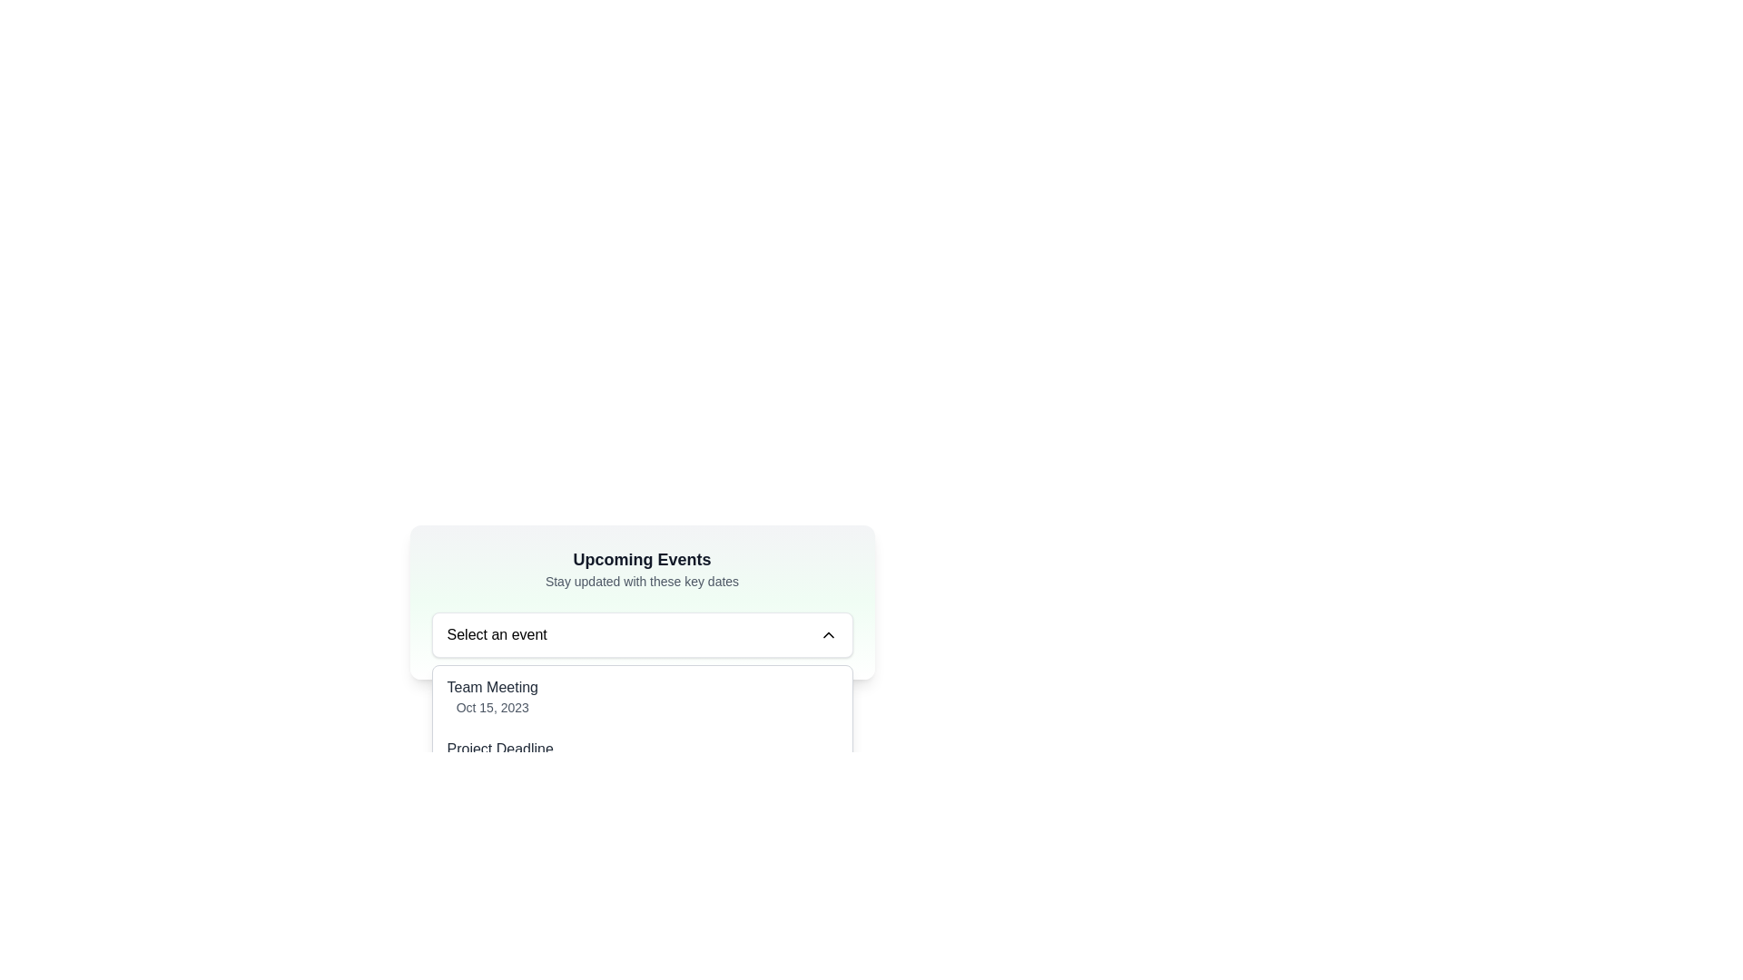  What do you see at coordinates (492, 688) in the screenshot?
I see `the text label representing the title 'Team Meeting' located within the dropdown under 'Upcoming Events'` at bounding box center [492, 688].